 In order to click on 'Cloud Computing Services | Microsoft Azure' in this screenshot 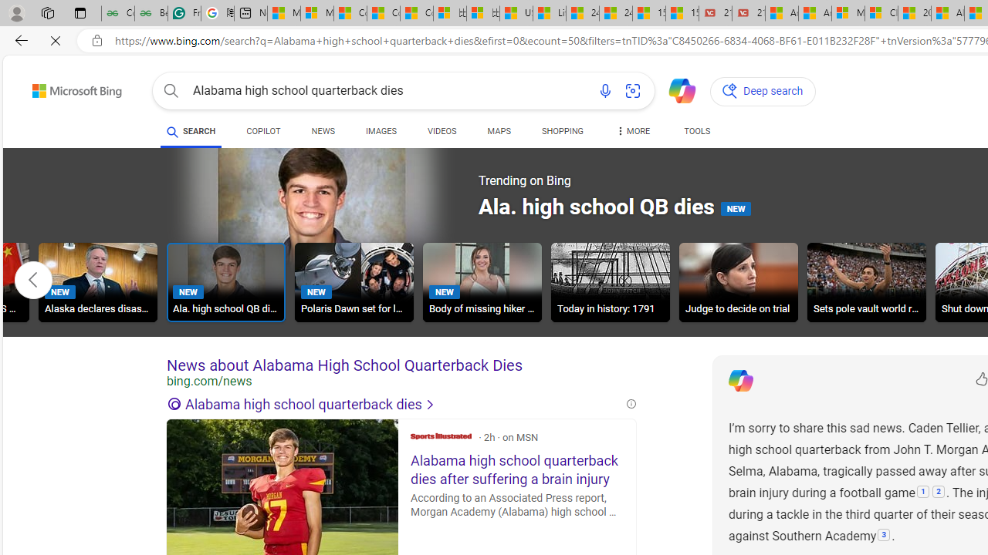, I will do `click(881, 13)`.